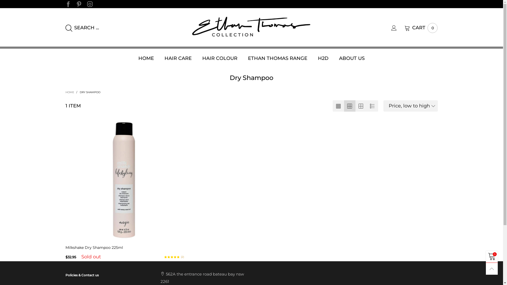  Describe the element at coordinates (491, 269) in the screenshot. I see `'Back to top'` at that location.